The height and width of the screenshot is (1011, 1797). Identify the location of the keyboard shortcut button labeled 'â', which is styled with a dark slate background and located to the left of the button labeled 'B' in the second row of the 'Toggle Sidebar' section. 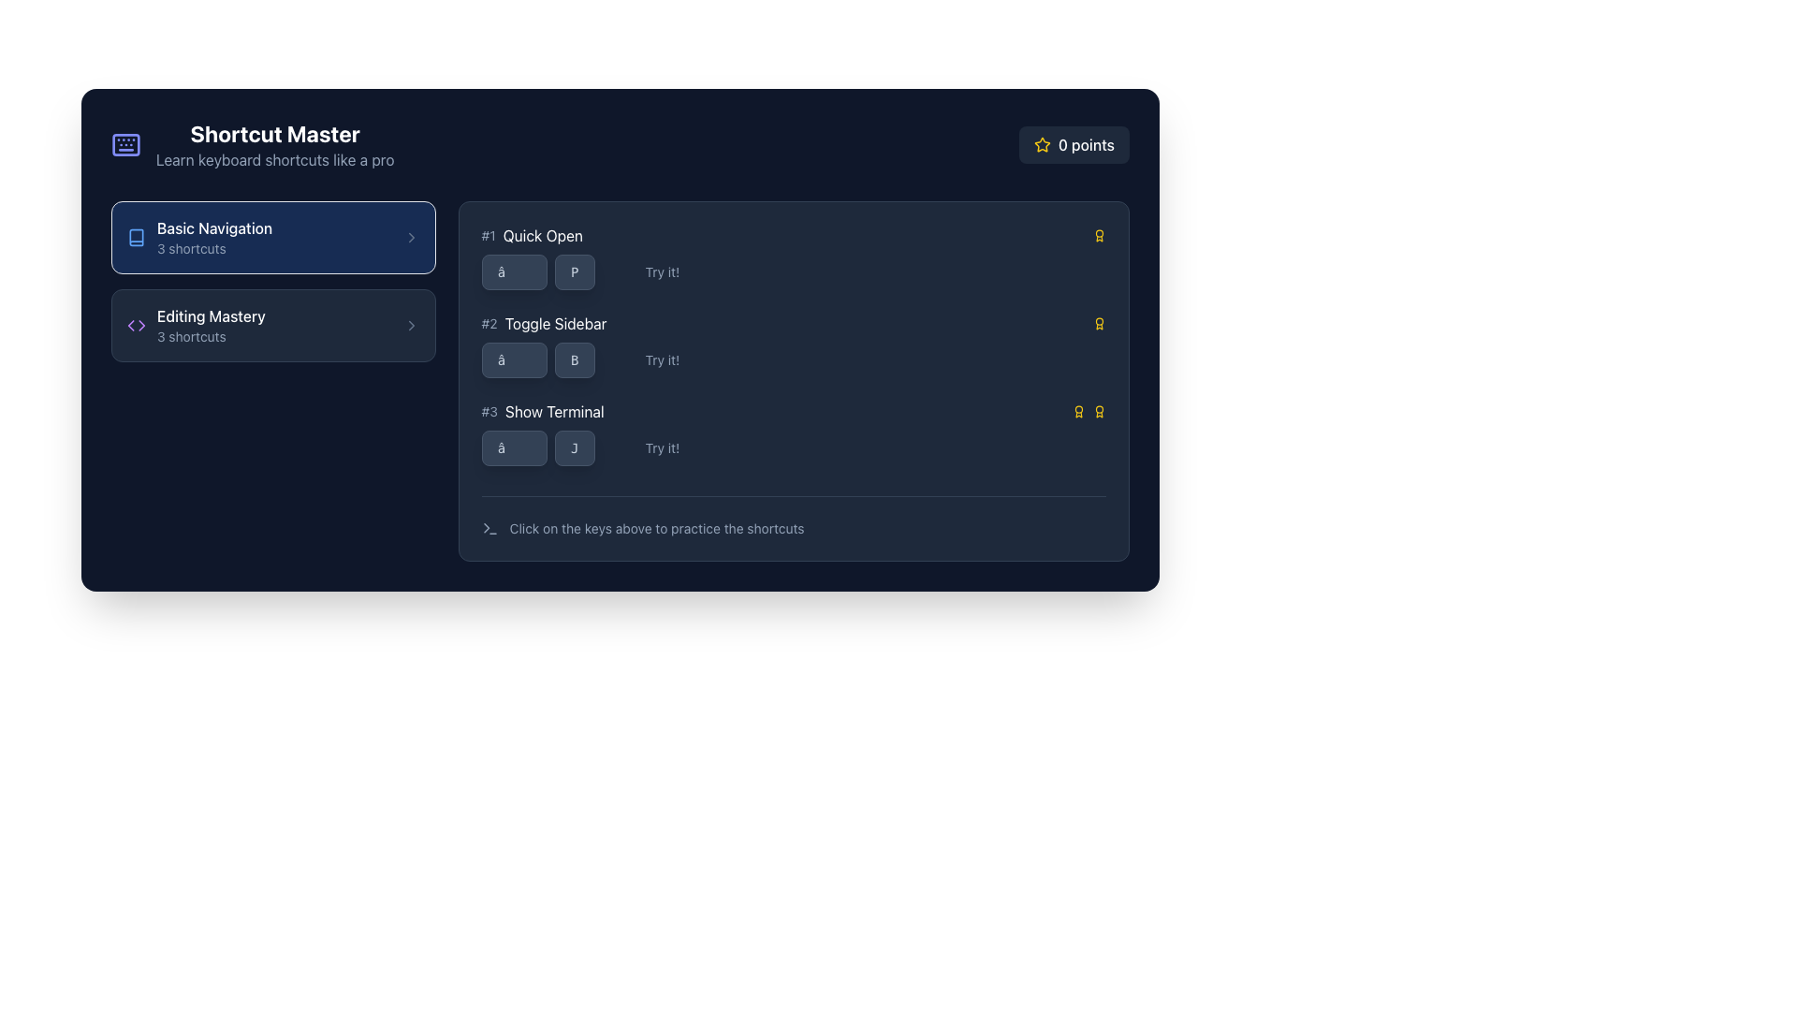
(514, 360).